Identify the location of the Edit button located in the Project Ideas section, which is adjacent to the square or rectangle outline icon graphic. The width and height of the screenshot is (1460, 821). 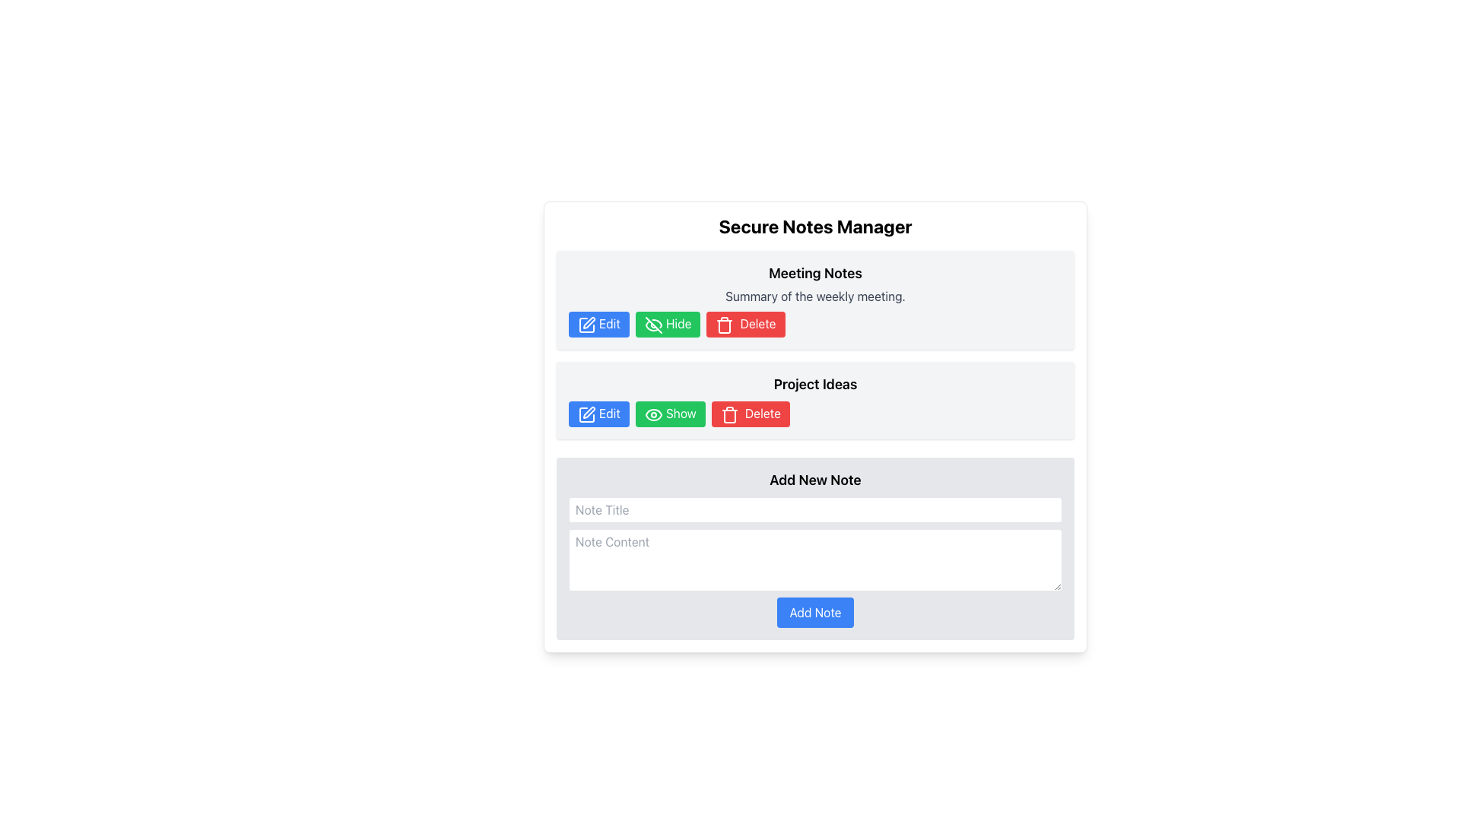
(586, 414).